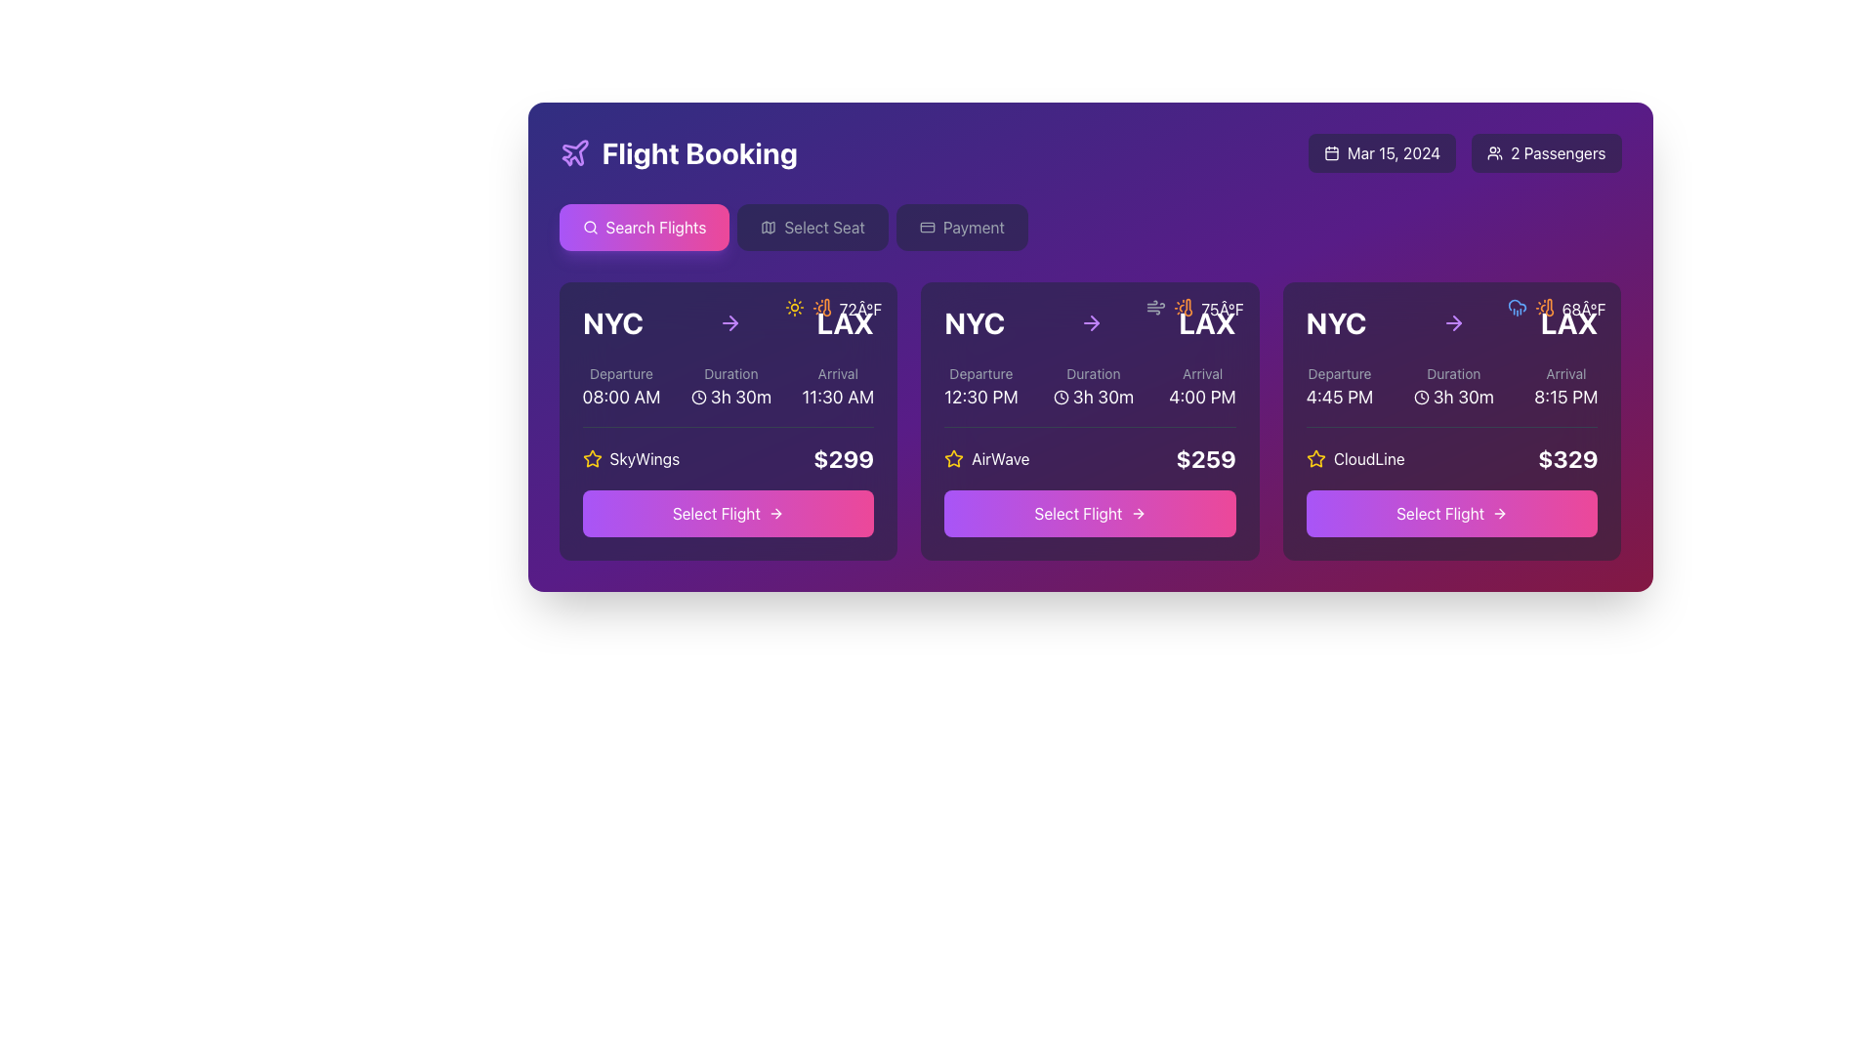 The image size is (1875, 1055). I want to click on the Text Display element that shows 'Departure' in gray text above '08:00 AM' in white text, located in the leftmost card of flight options, so click(620, 388).